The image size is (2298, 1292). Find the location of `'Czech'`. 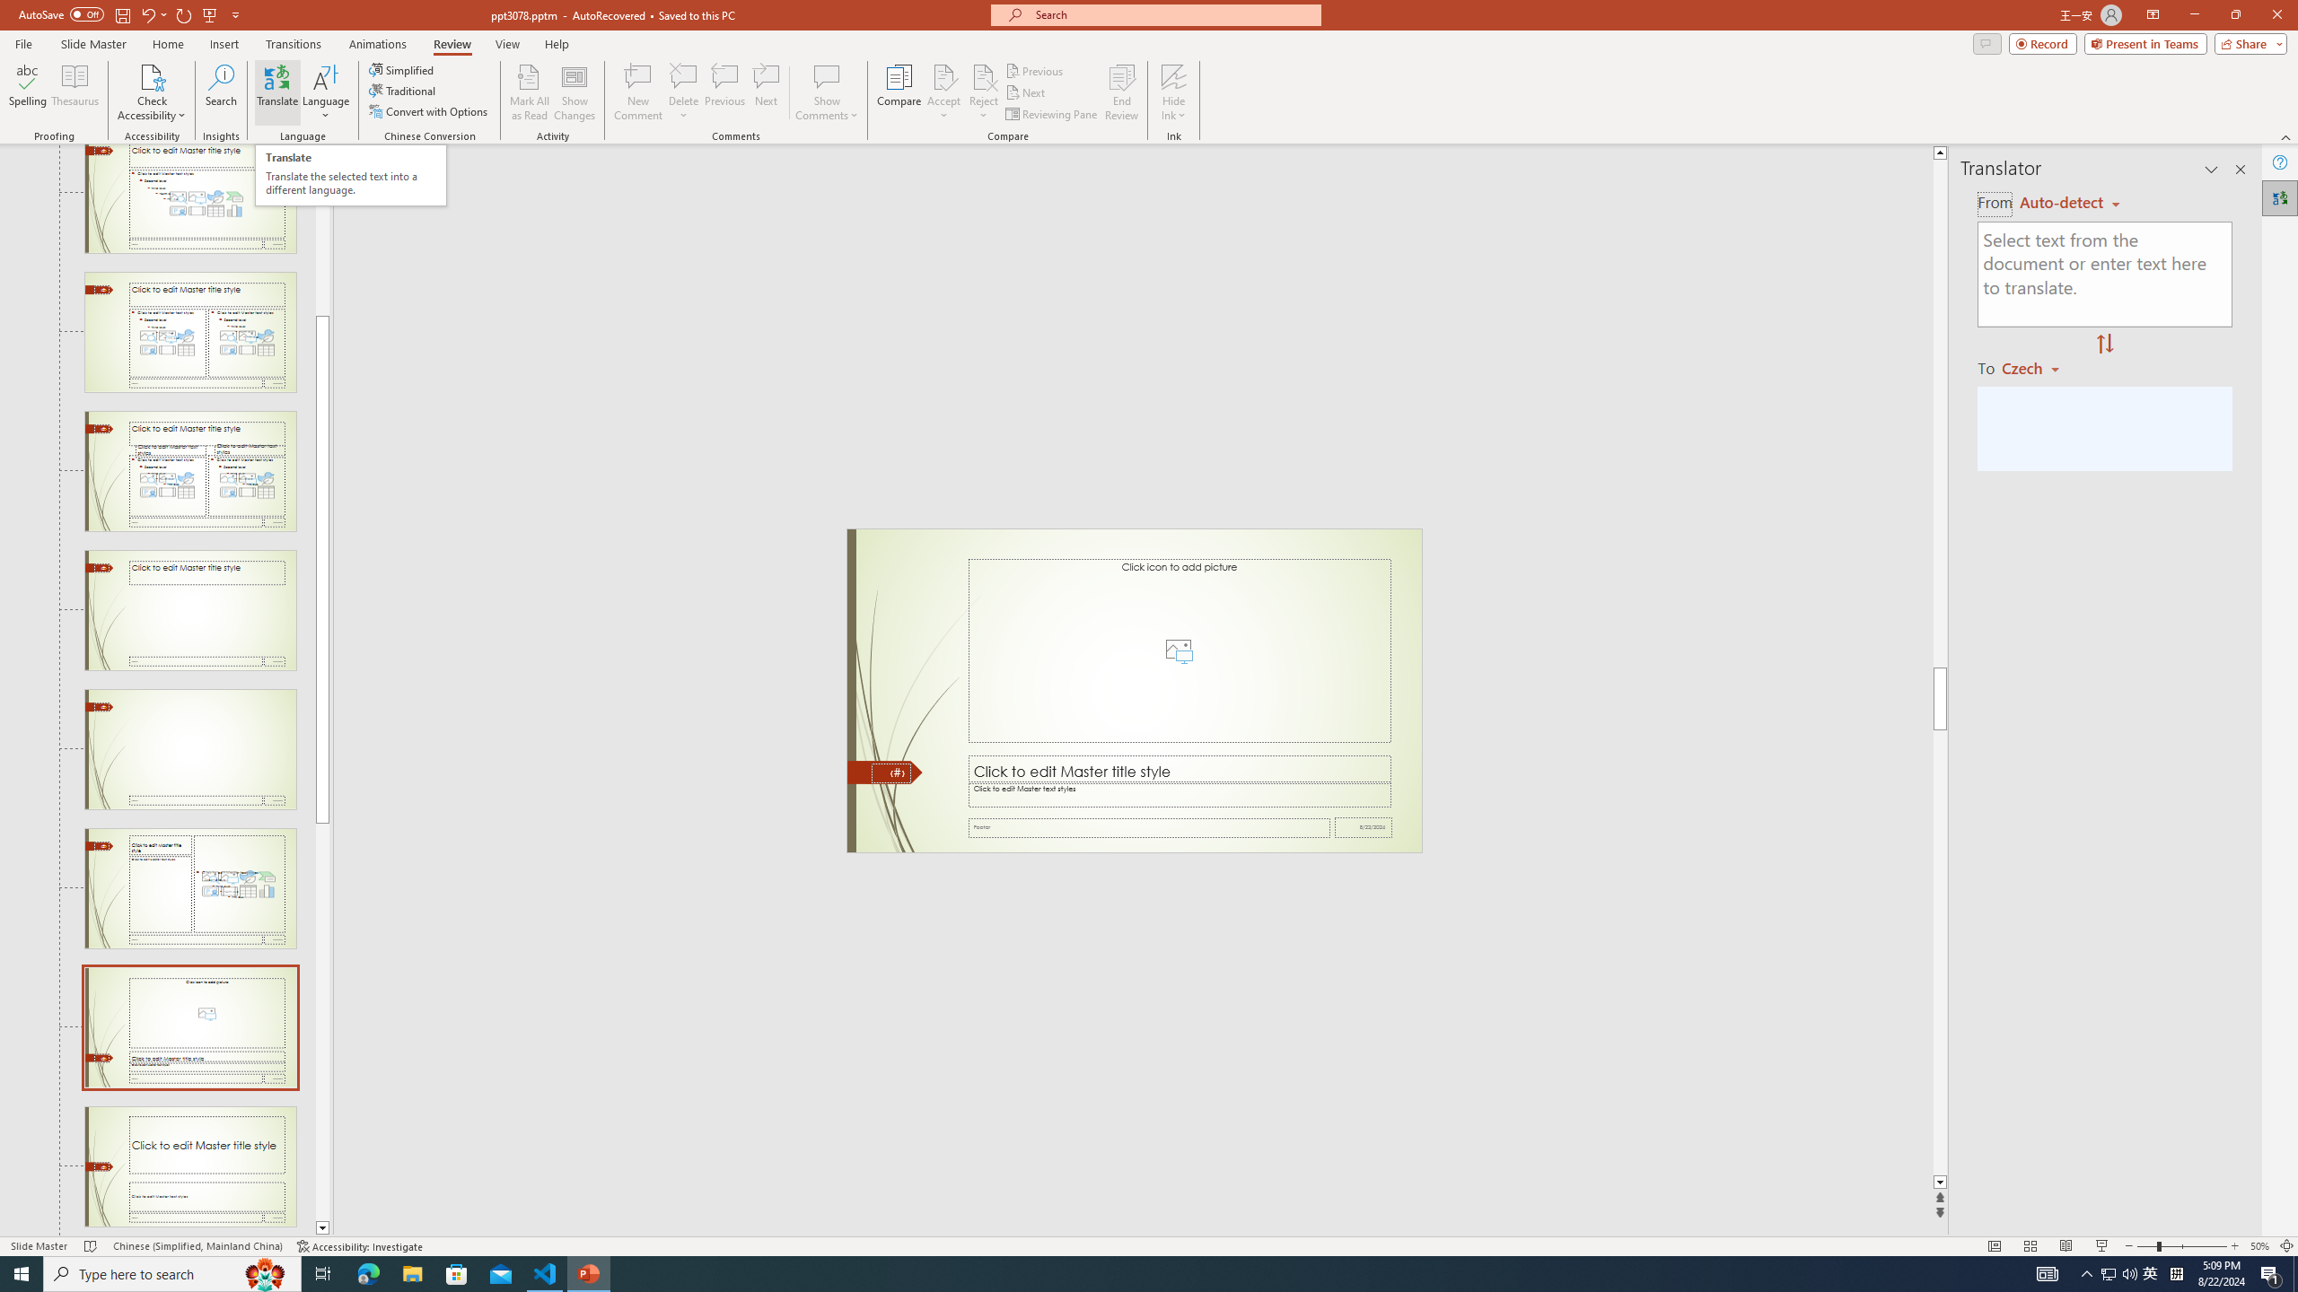

'Czech' is located at coordinates (2038, 367).